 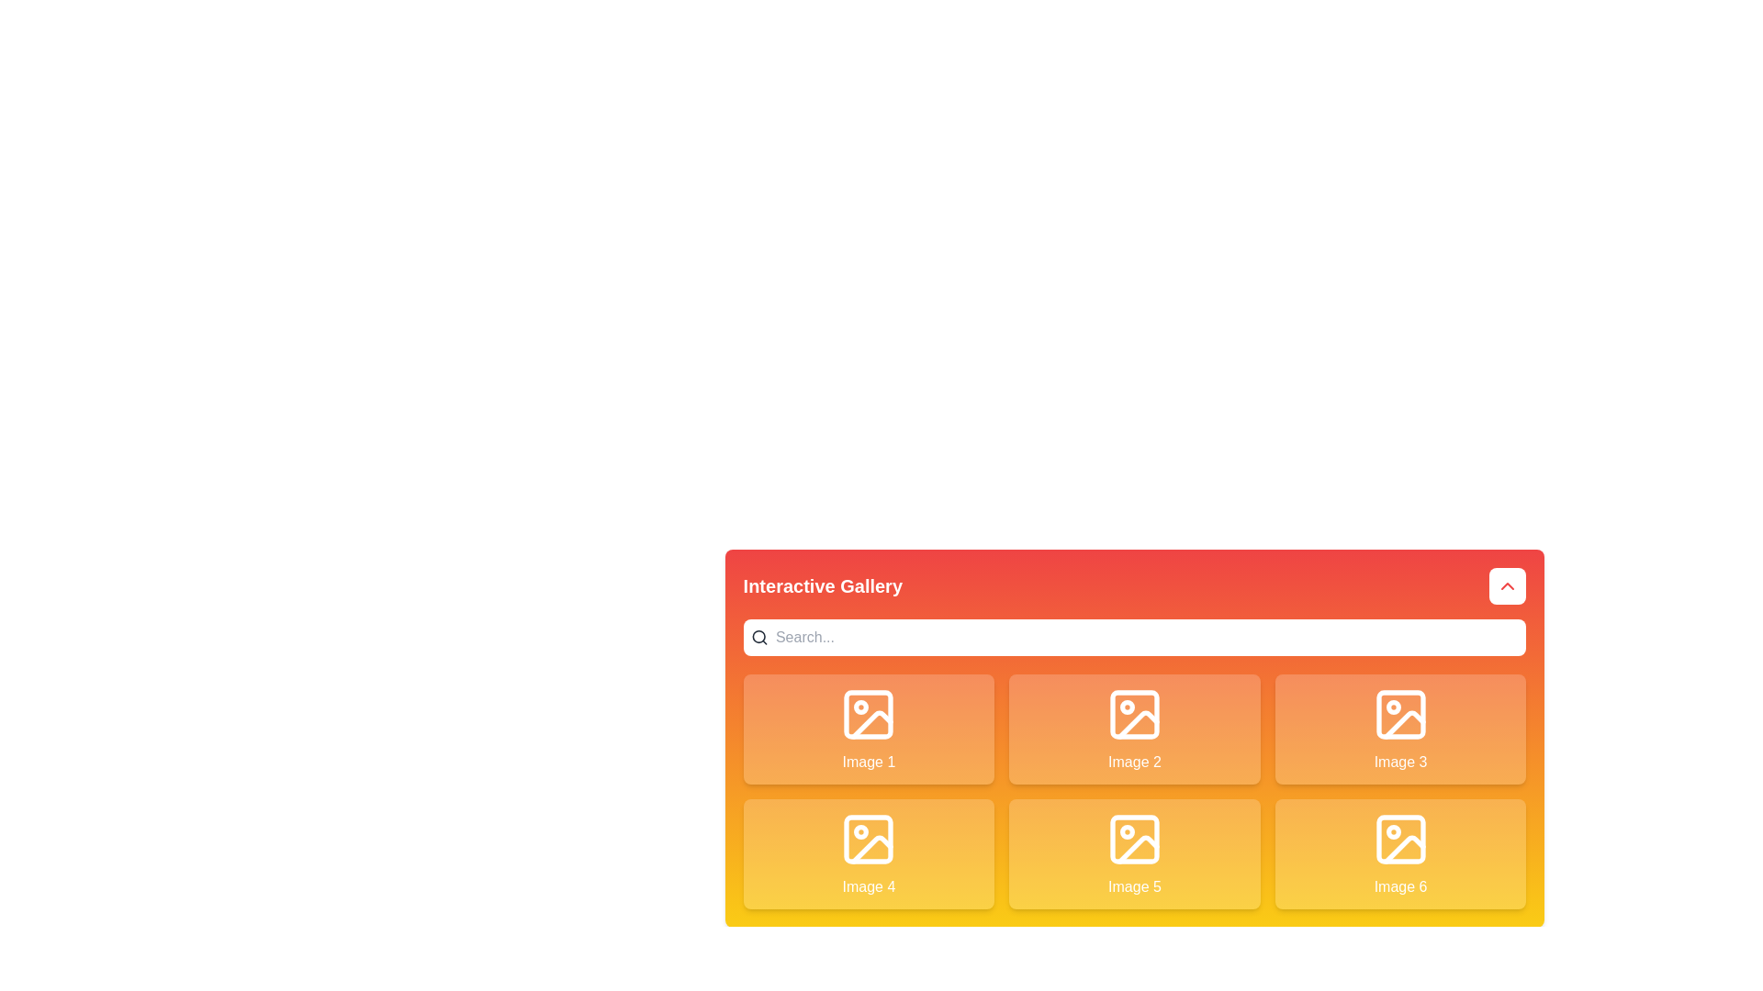 What do you see at coordinates (1133, 586) in the screenshot?
I see `the header bar titled 'Interactive Gallery' with a red` at bounding box center [1133, 586].